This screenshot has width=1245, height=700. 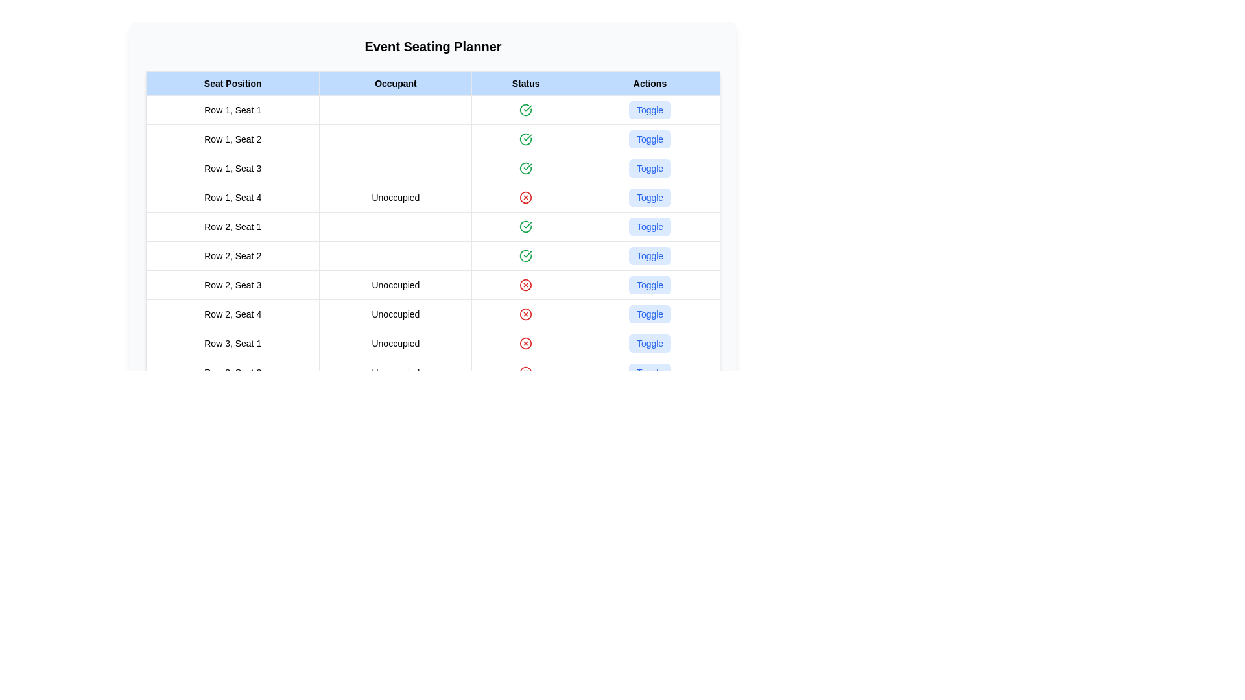 I want to click on the positive status icon located in the fourth row of the 'Status' column, which is associated with the text 'Row 2, Seat 2' in the 'Seat Position' column, so click(x=526, y=255).